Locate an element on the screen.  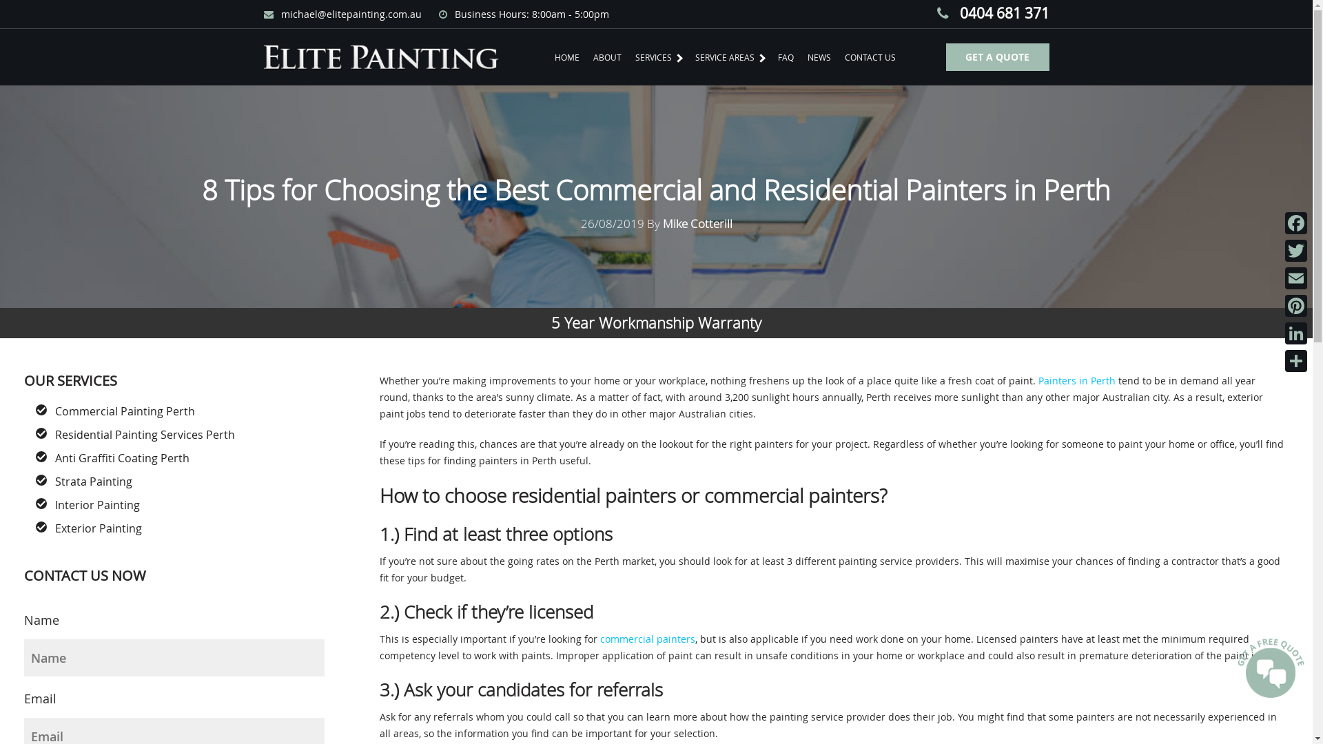
'michael@elitepainting.com.au' is located at coordinates (263, 13).